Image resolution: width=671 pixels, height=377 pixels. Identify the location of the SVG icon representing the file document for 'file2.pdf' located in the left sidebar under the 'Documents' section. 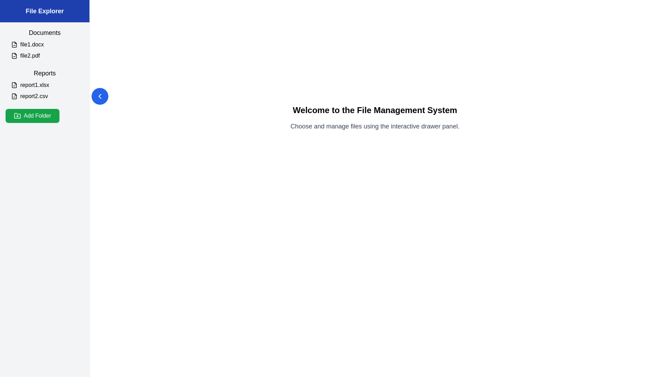
(14, 55).